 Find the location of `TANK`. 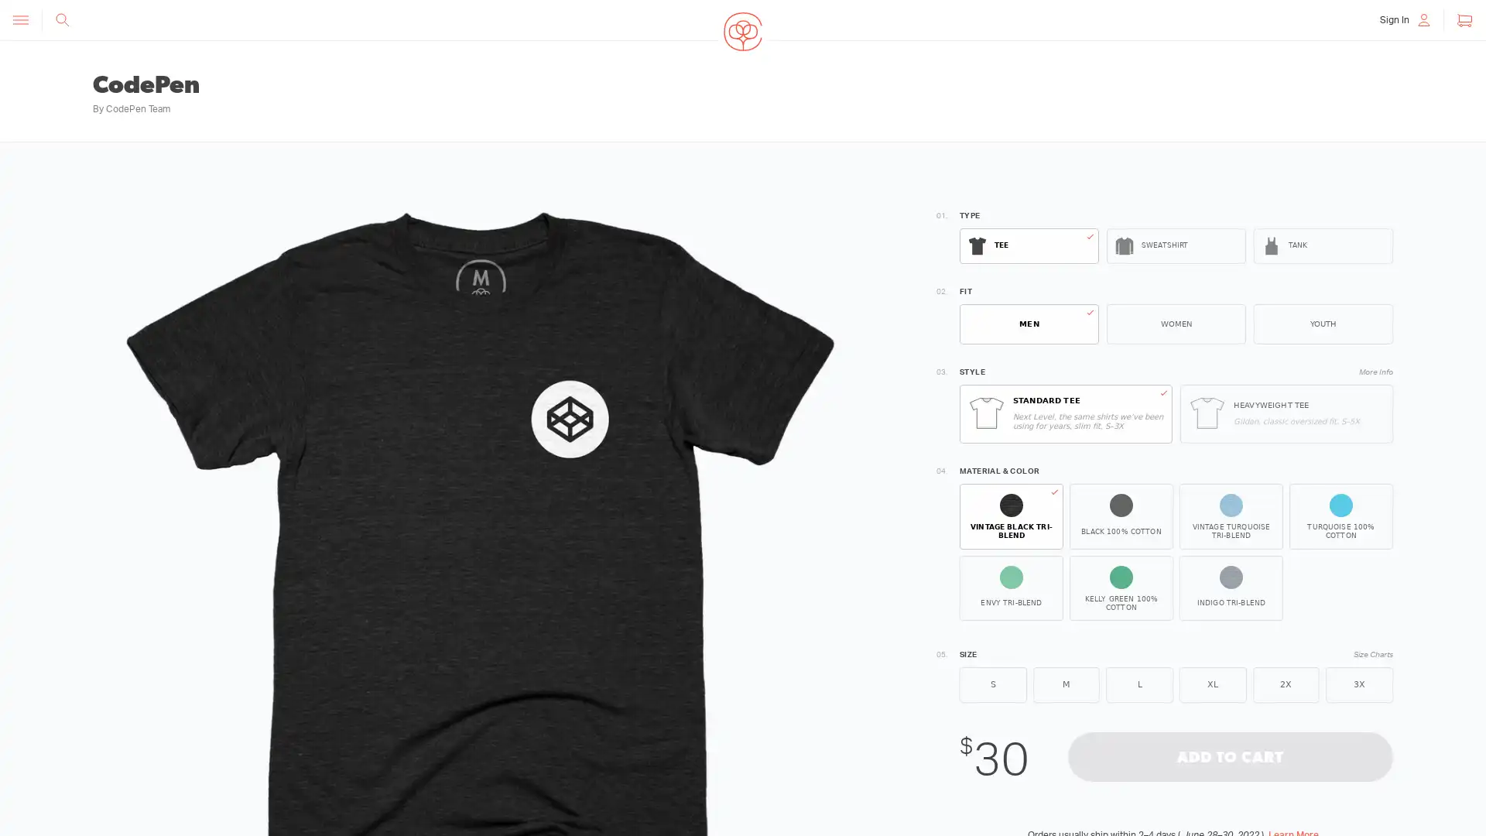

TANK is located at coordinates (1322, 245).